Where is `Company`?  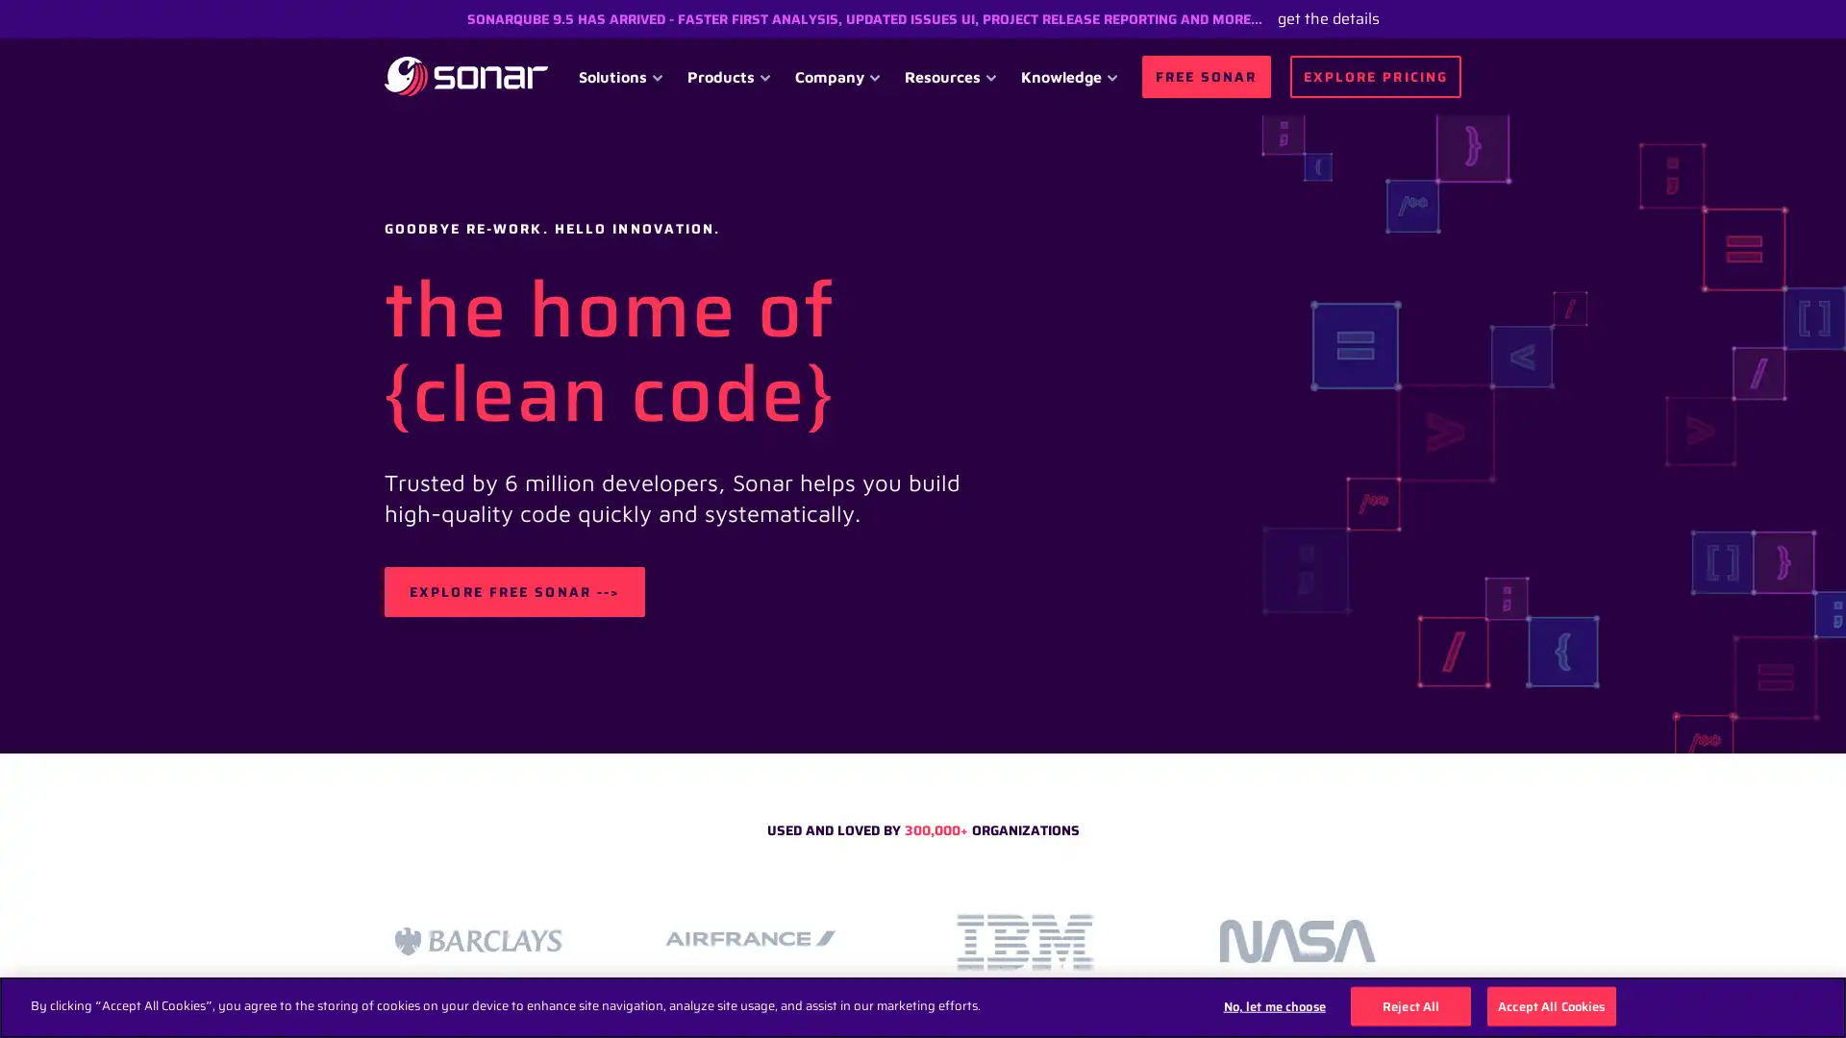
Company is located at coordinates (848, 76).